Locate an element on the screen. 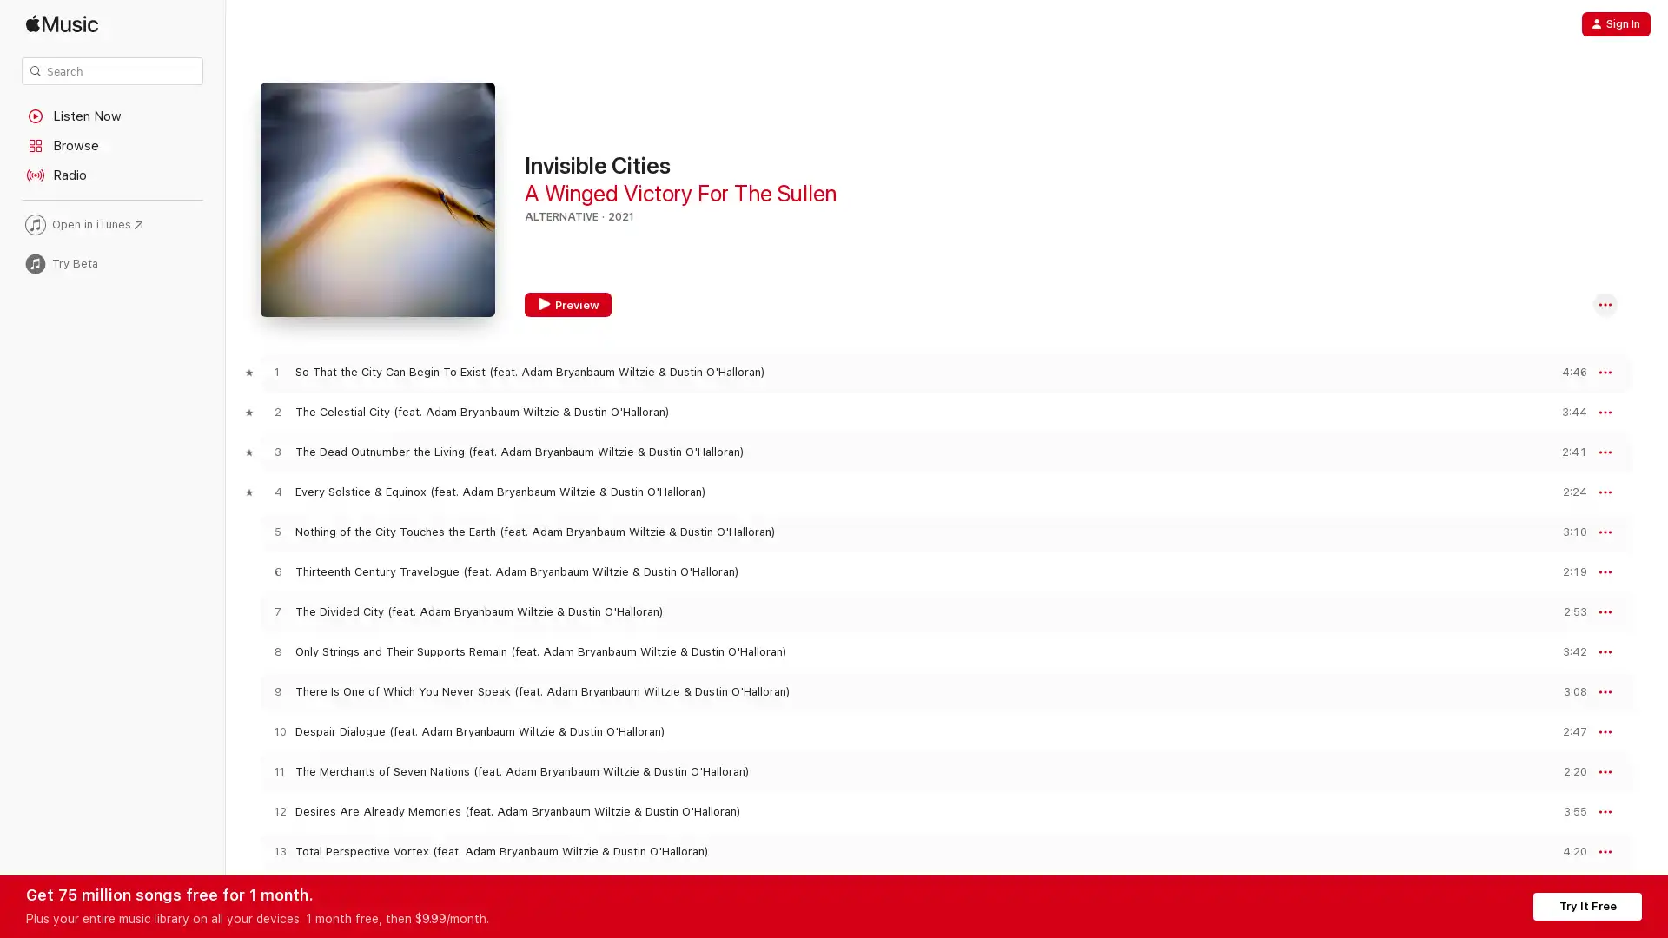 The image size is (1668, 938). Play is located at coordinates (276, 850).